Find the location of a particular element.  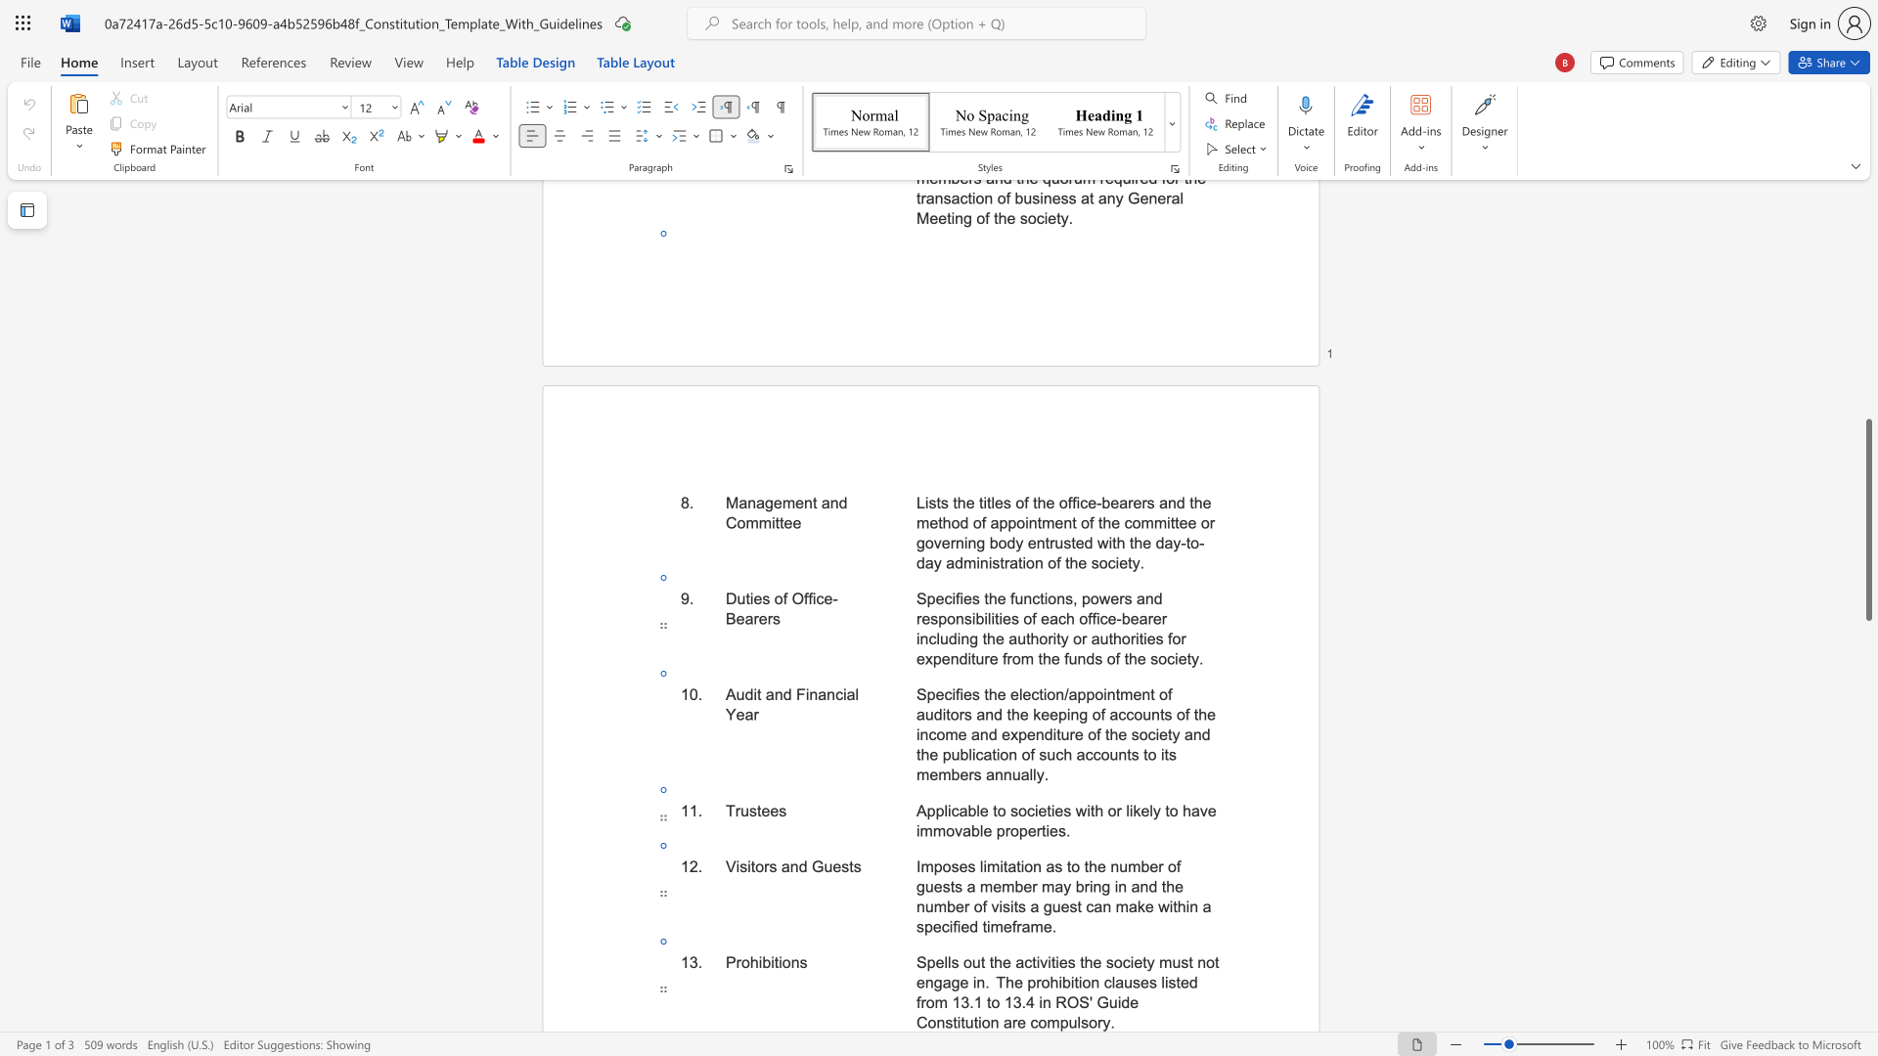

the 1th character "r" in the text is located at coordinates (1037, 983).